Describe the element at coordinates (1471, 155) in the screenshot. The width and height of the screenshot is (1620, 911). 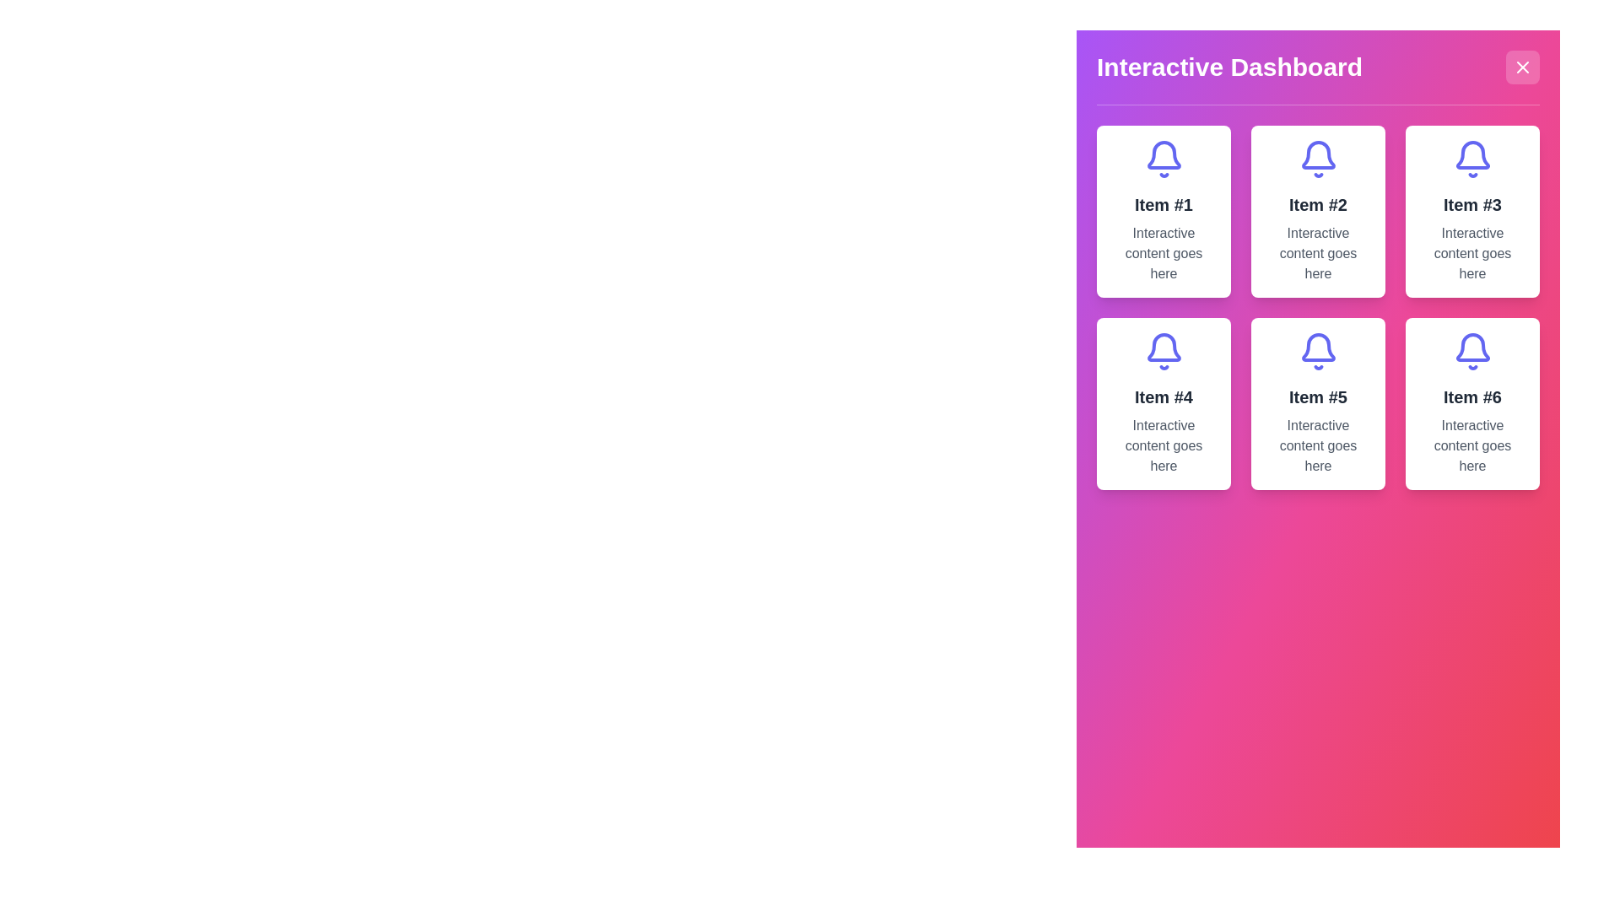
I see `the bell-shaped icon indicating notifications or alerts, located in the upper component of the third card in the top row of the dashboard interface` at that location.